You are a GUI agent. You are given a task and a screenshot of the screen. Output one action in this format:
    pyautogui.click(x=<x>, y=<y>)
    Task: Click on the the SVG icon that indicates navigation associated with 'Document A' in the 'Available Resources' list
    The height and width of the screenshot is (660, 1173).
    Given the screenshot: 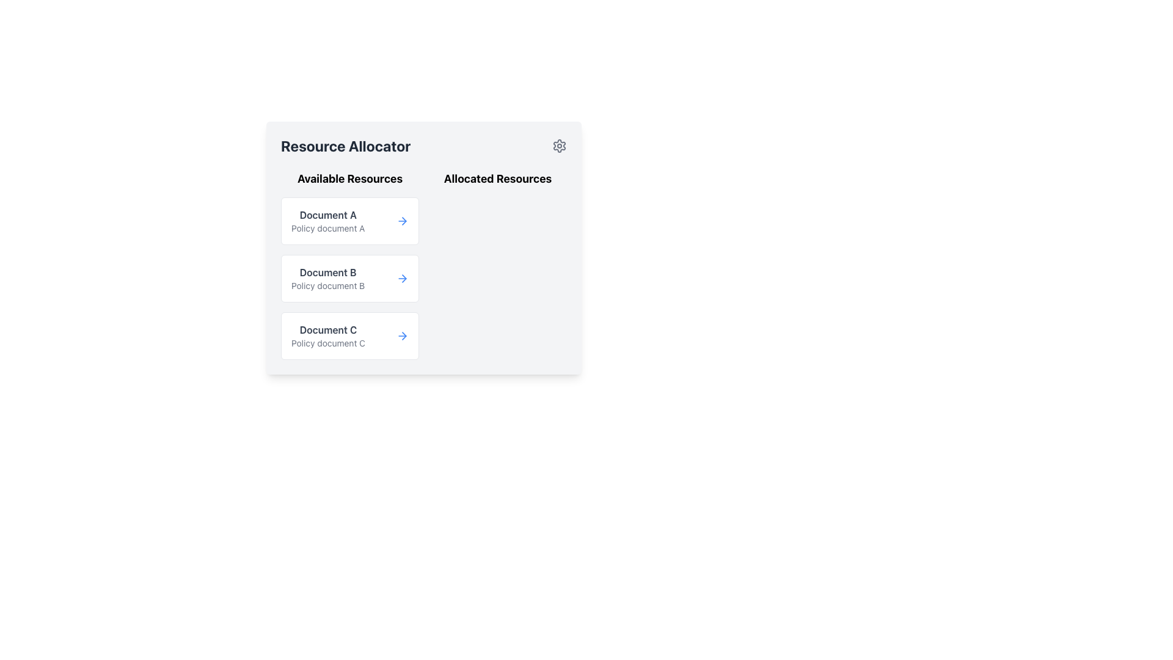 What is the action you would take?
    pyautogui.click(x=404, y=221)
    